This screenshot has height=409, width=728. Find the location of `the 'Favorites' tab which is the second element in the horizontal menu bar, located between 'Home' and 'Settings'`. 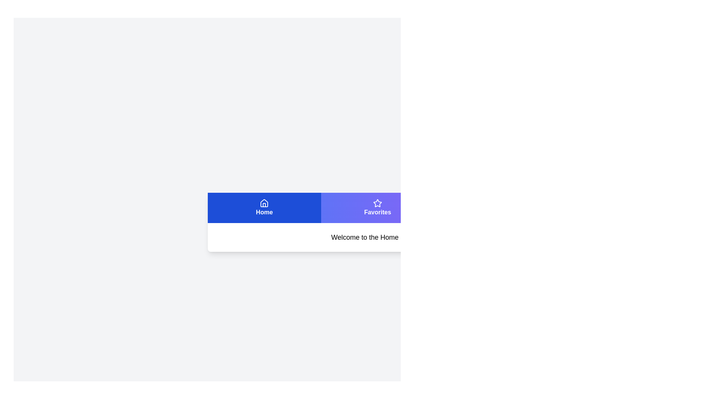

the 'Favorites' tab which is the second element in the horizontal menu bar, located between 'Home' and 'Settings' is located at coordinates (377, 208).